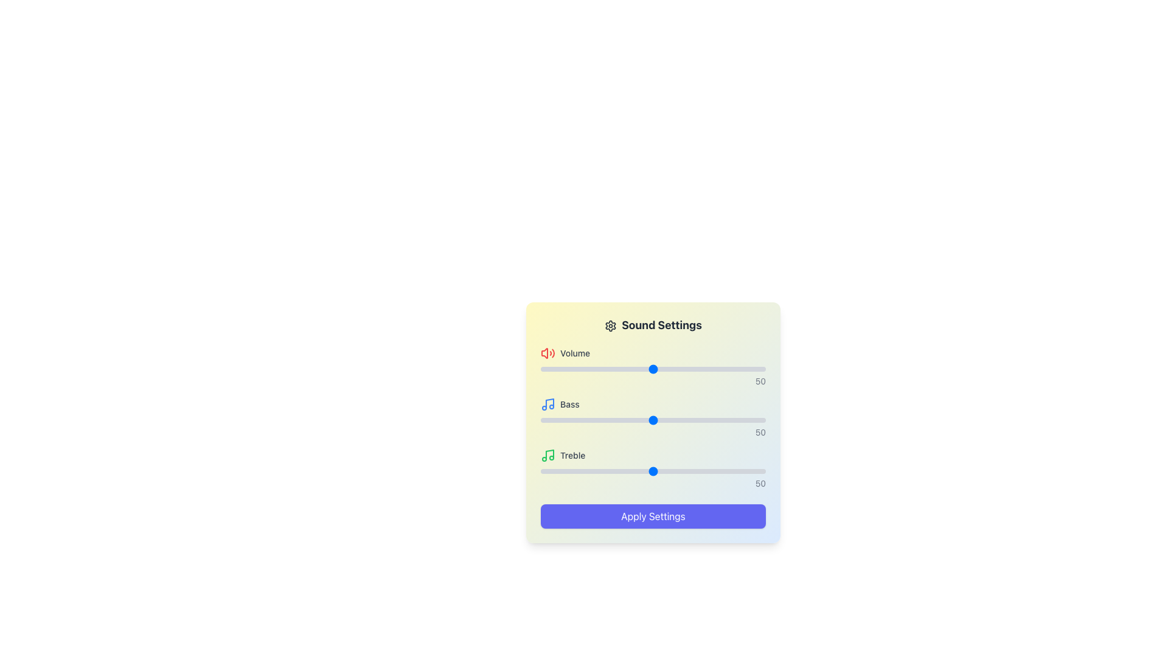 This screenshot has width=1168, height=657. What do you see at coordinates (593, 471) in the screenshot?
I see `treble` at bounding box center [593, 471].